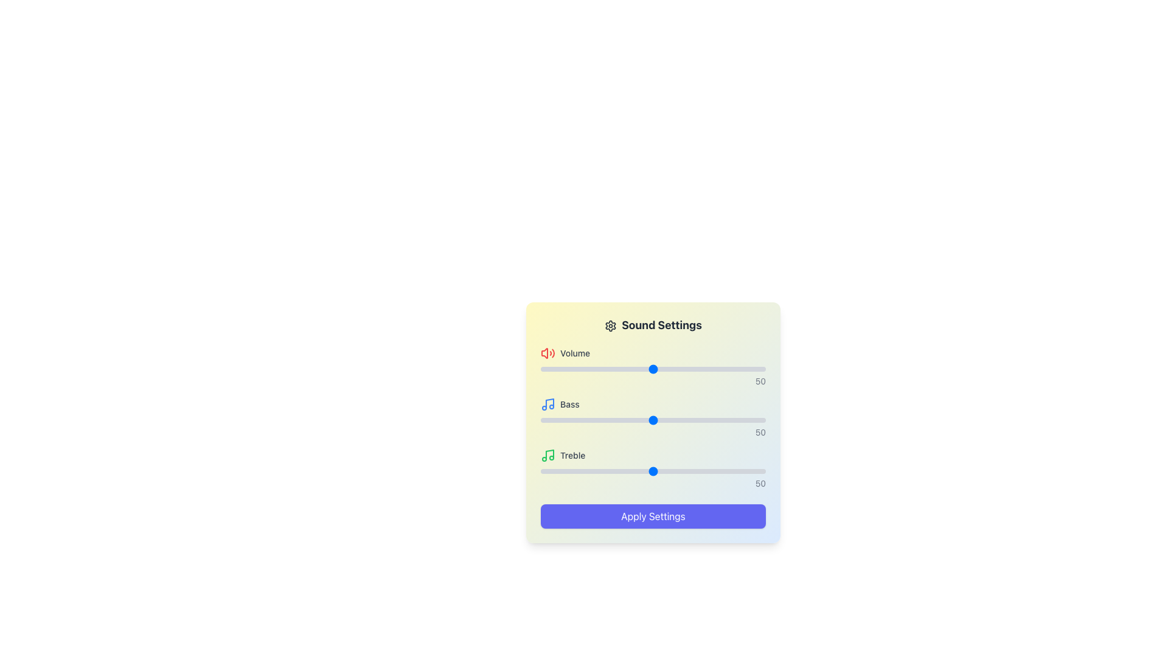 This screenshot has width=1168, height=657. What do you see at coordinates (593, 471) in the screenshot?
I see `treble` at bounding box center [593, 471].